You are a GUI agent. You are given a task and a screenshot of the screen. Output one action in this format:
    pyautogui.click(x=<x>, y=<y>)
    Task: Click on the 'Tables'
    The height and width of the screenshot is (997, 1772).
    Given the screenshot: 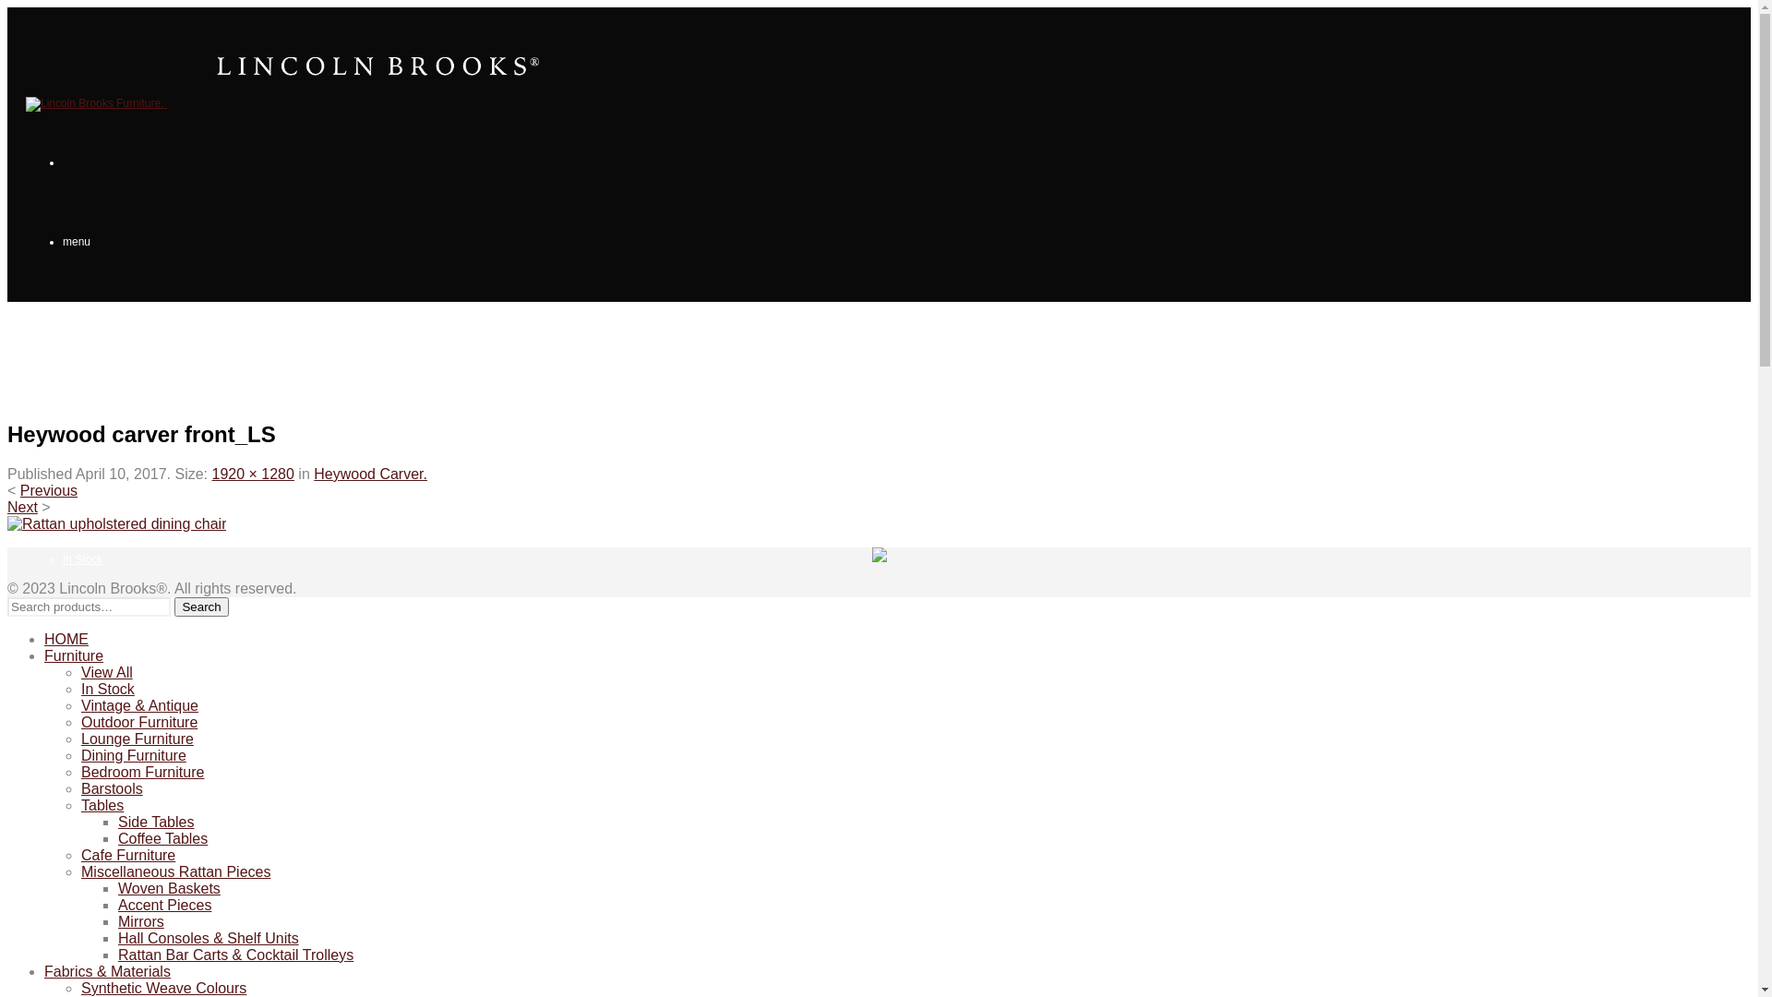 What is the action you would take?
    pyautogui.click(x=101, y=804)
    